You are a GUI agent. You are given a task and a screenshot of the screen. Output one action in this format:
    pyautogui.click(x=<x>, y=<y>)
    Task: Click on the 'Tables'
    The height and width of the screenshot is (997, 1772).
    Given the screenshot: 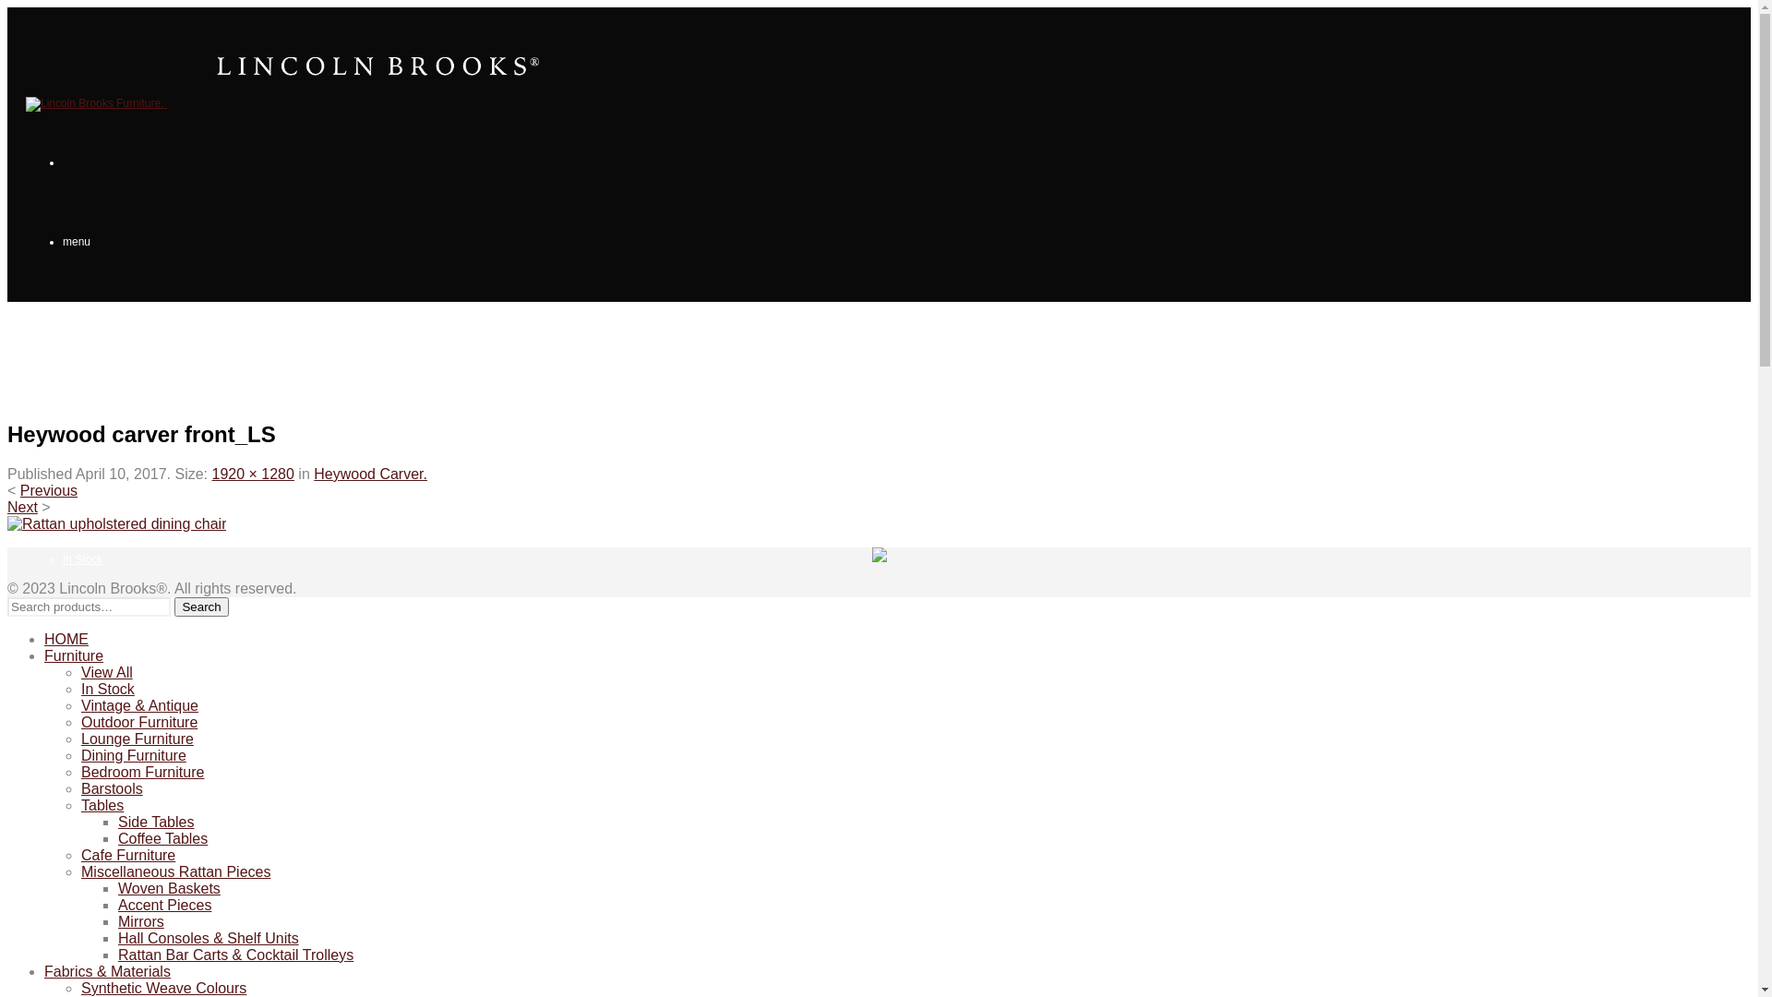 What is the action you would take?
    pyautogui.click(x=101, y=804)
    